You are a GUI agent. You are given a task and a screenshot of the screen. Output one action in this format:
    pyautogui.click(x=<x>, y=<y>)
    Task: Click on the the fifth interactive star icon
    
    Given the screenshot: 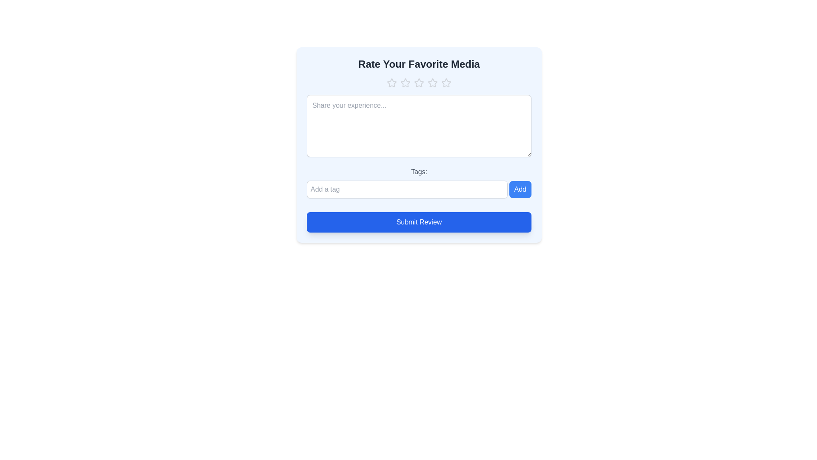 What is the action you would take?
    pyautogui.click(x=446, y=83)
    